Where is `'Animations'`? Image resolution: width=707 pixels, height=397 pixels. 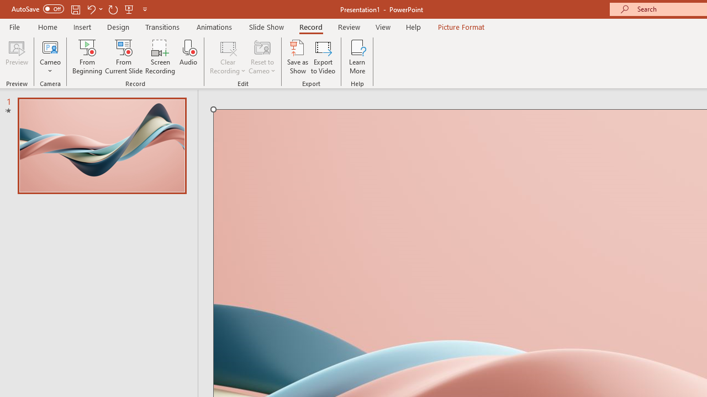
'Animations' is located at coordinates (214, 26).